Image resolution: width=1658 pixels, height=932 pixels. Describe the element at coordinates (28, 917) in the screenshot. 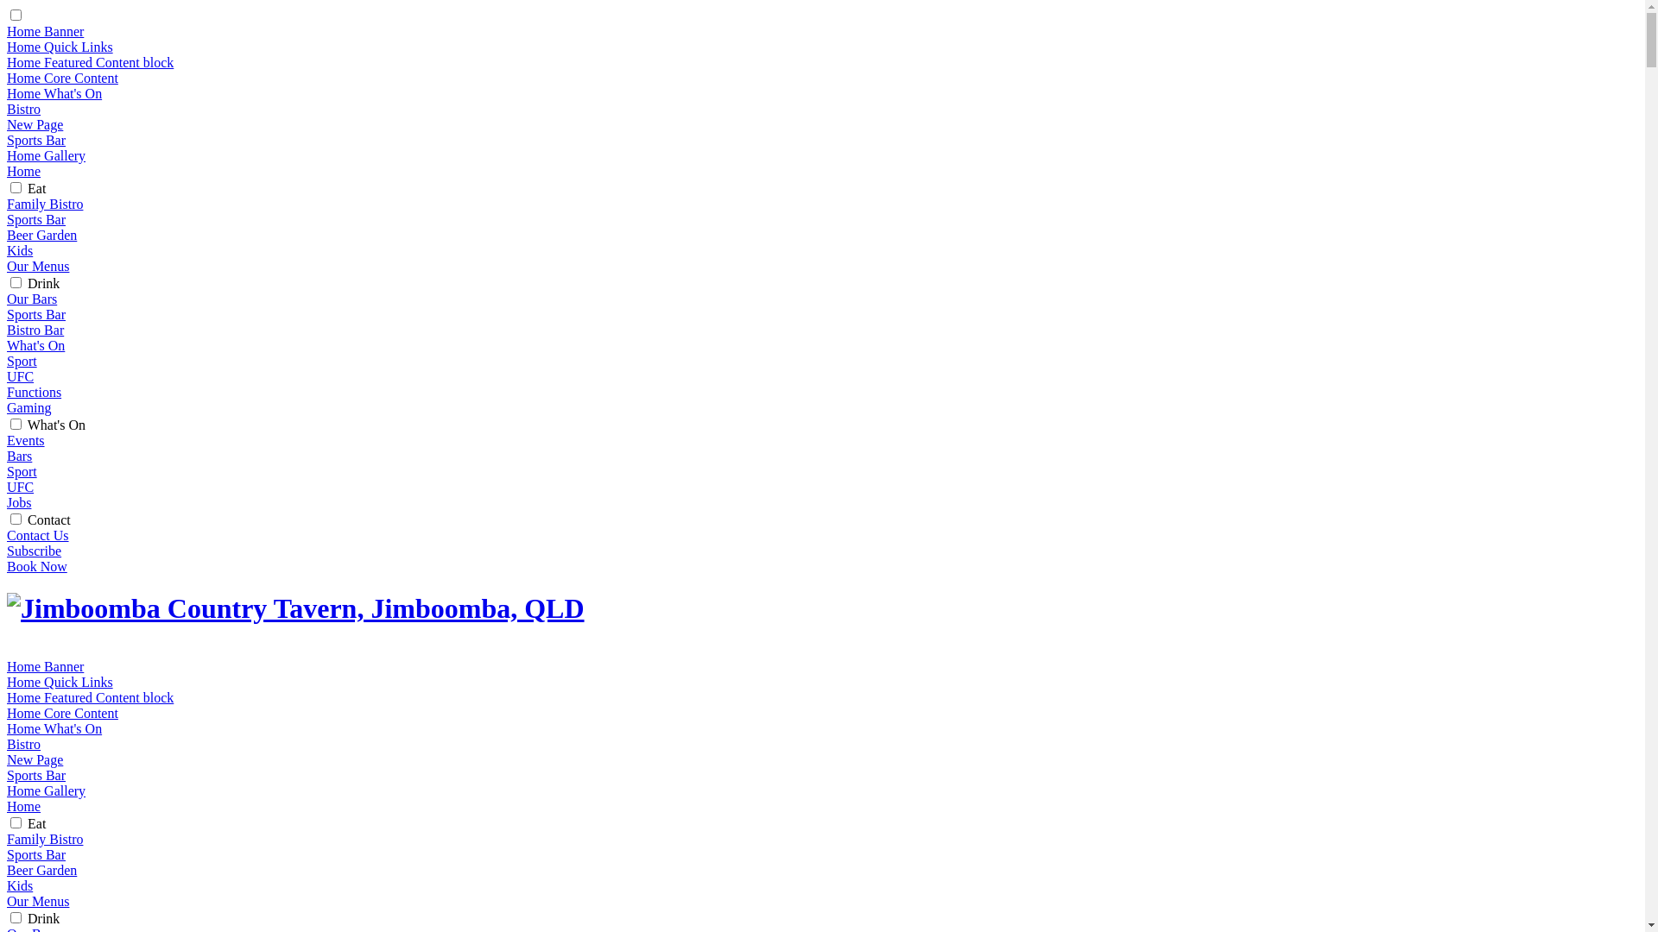

I see `'Drink'` at that location.